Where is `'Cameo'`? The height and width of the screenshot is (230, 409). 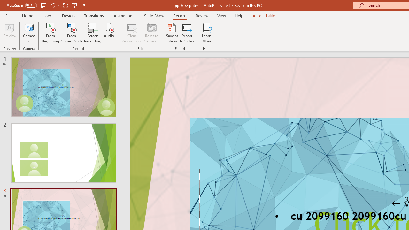 'Cameo' is located at coordinates (29, 27).